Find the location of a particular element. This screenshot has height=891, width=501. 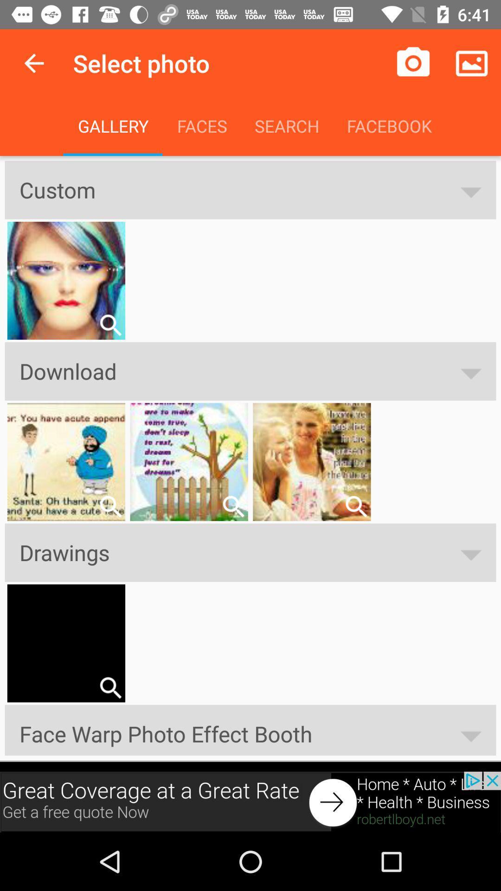

searching the file given is located at coordinates (110, 688).